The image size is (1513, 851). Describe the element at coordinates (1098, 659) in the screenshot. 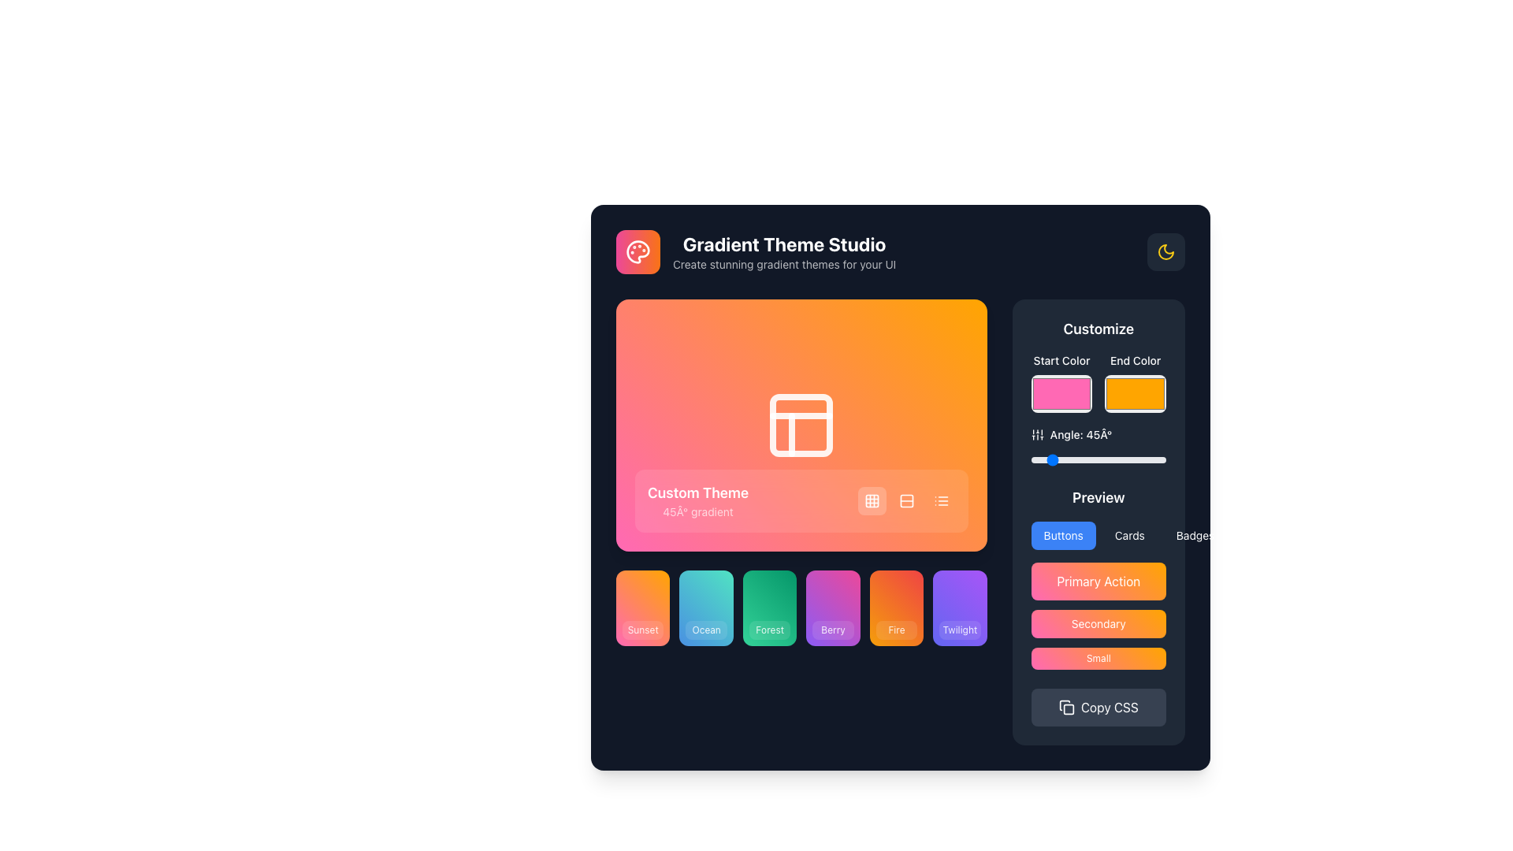

I see `the 'Small' button, which is a compact rectangular button with a gradient background from pink to orange, located in the 'Preview' panel on the right side of the interface` at that location.